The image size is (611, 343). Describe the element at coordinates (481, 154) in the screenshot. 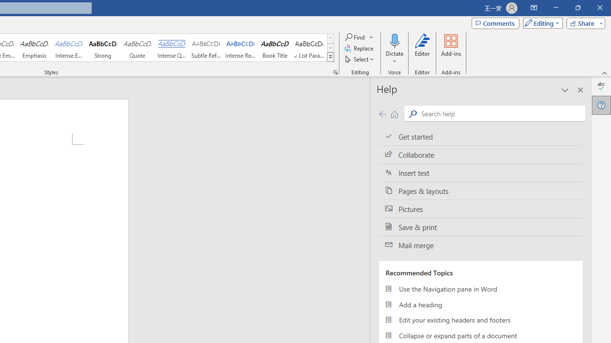

I see `'Collaborate'` at that location.